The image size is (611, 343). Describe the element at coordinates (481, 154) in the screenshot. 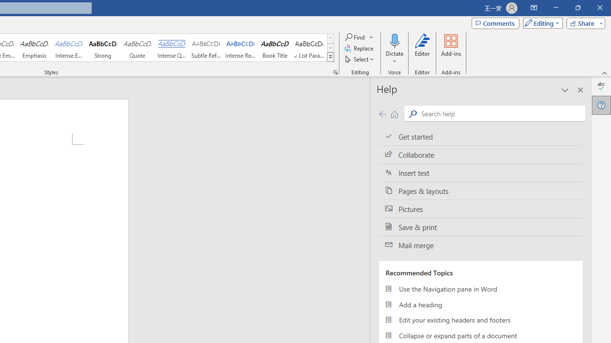

I see `'Collaborate'` at that location.